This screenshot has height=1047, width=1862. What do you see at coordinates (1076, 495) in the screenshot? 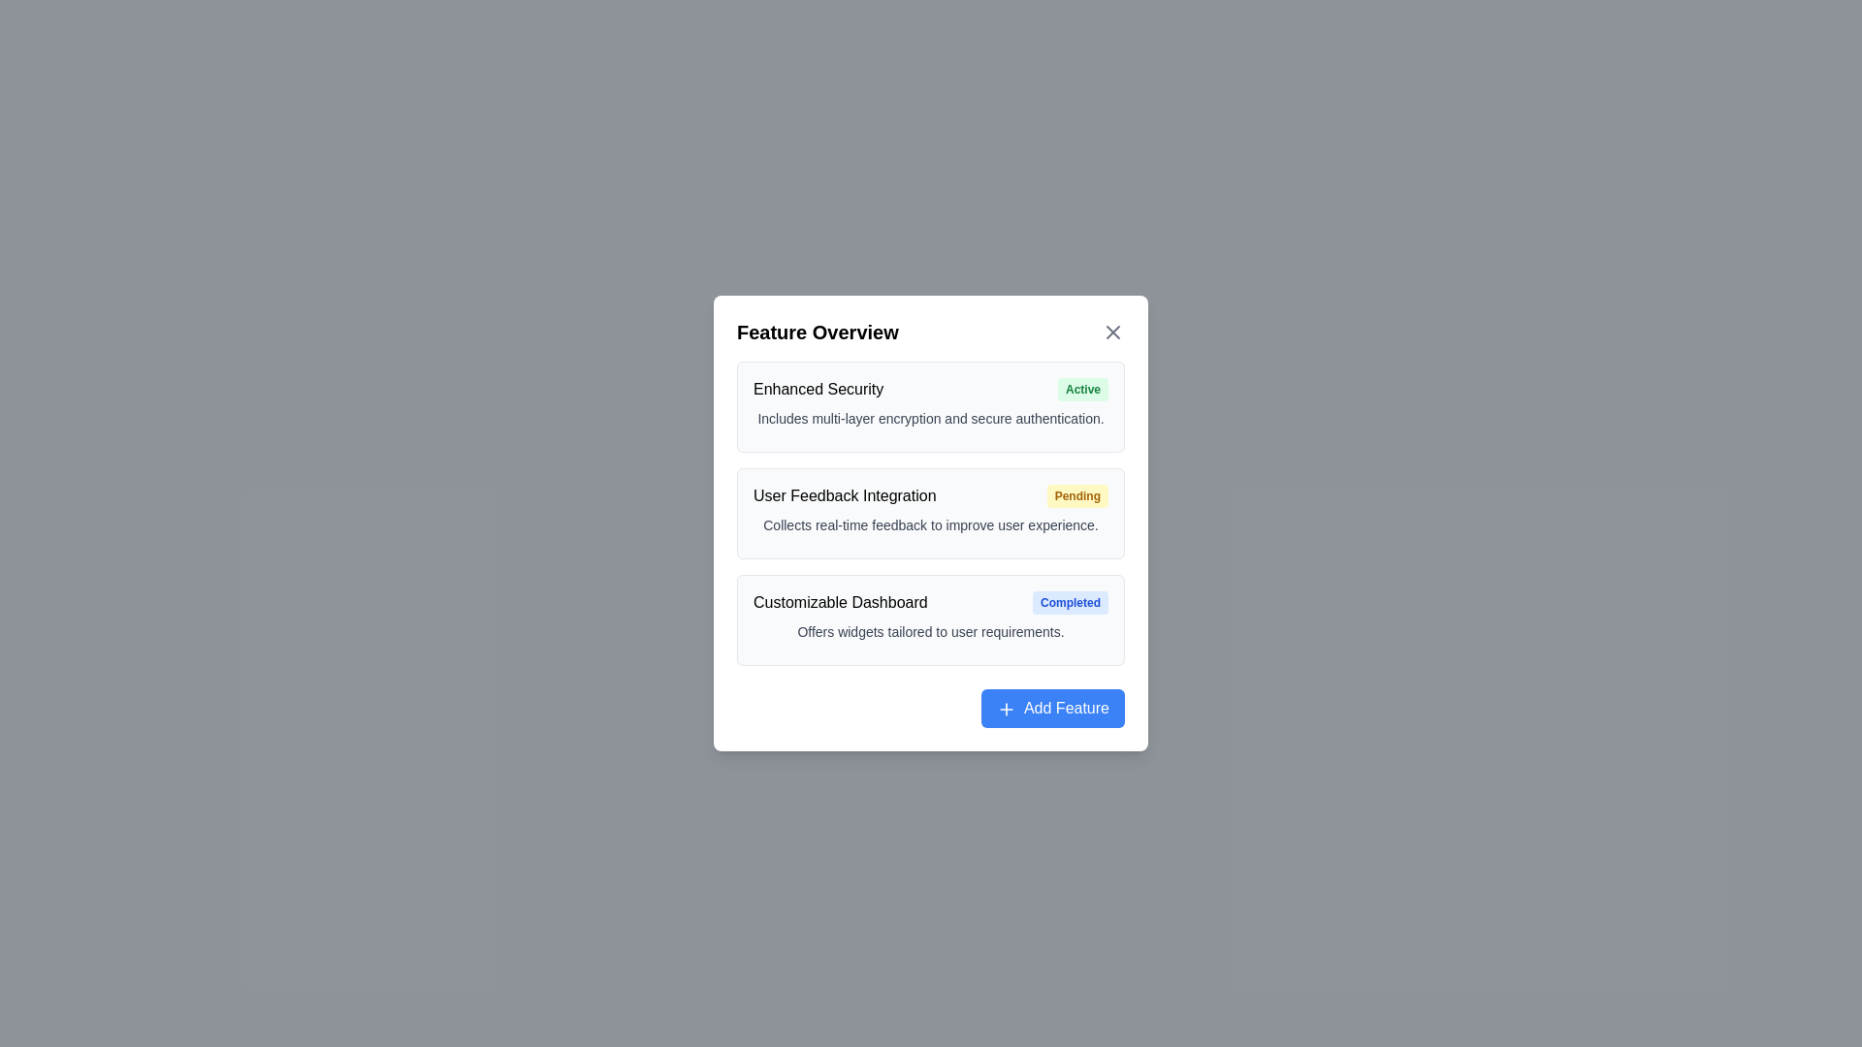
I see `the Status badge indicating the 'Pending' status of the 'User Feedback Integration' feature, which is positioned to the right of the corresponding text and above the descriptive text` at bounding box center [1076, 495].